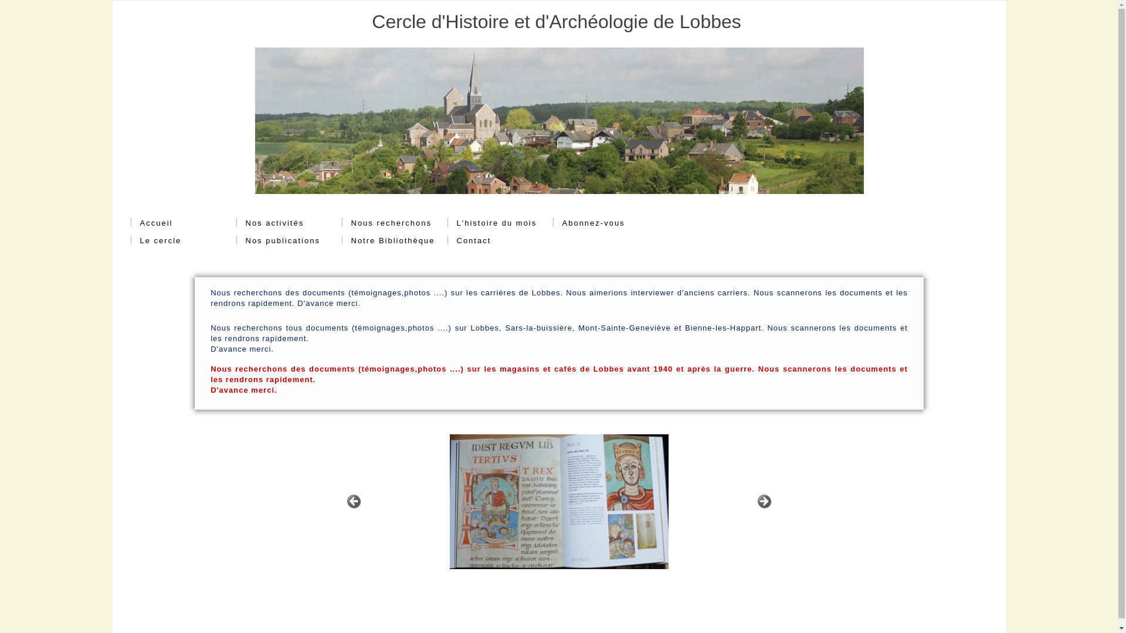 This screenshot has width=1126, height=633. Describe the element at coordinates (469, 240) in the screenshot. I see `'Contact'` at that location.